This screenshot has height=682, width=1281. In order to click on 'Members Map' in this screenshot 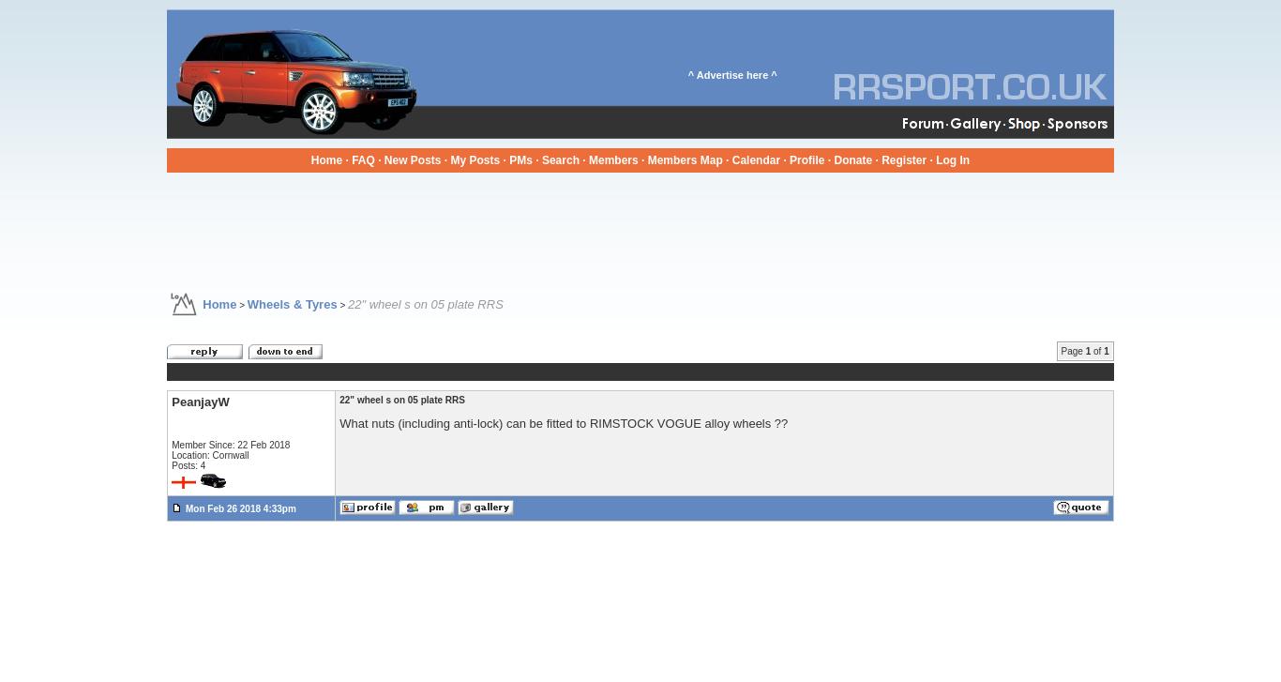, I will do `click(684, 159)`.